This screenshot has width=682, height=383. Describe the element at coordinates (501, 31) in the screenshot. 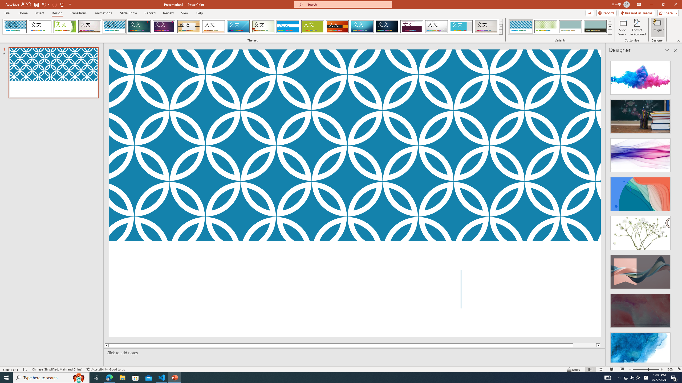

I see `'Themes'` at that location.